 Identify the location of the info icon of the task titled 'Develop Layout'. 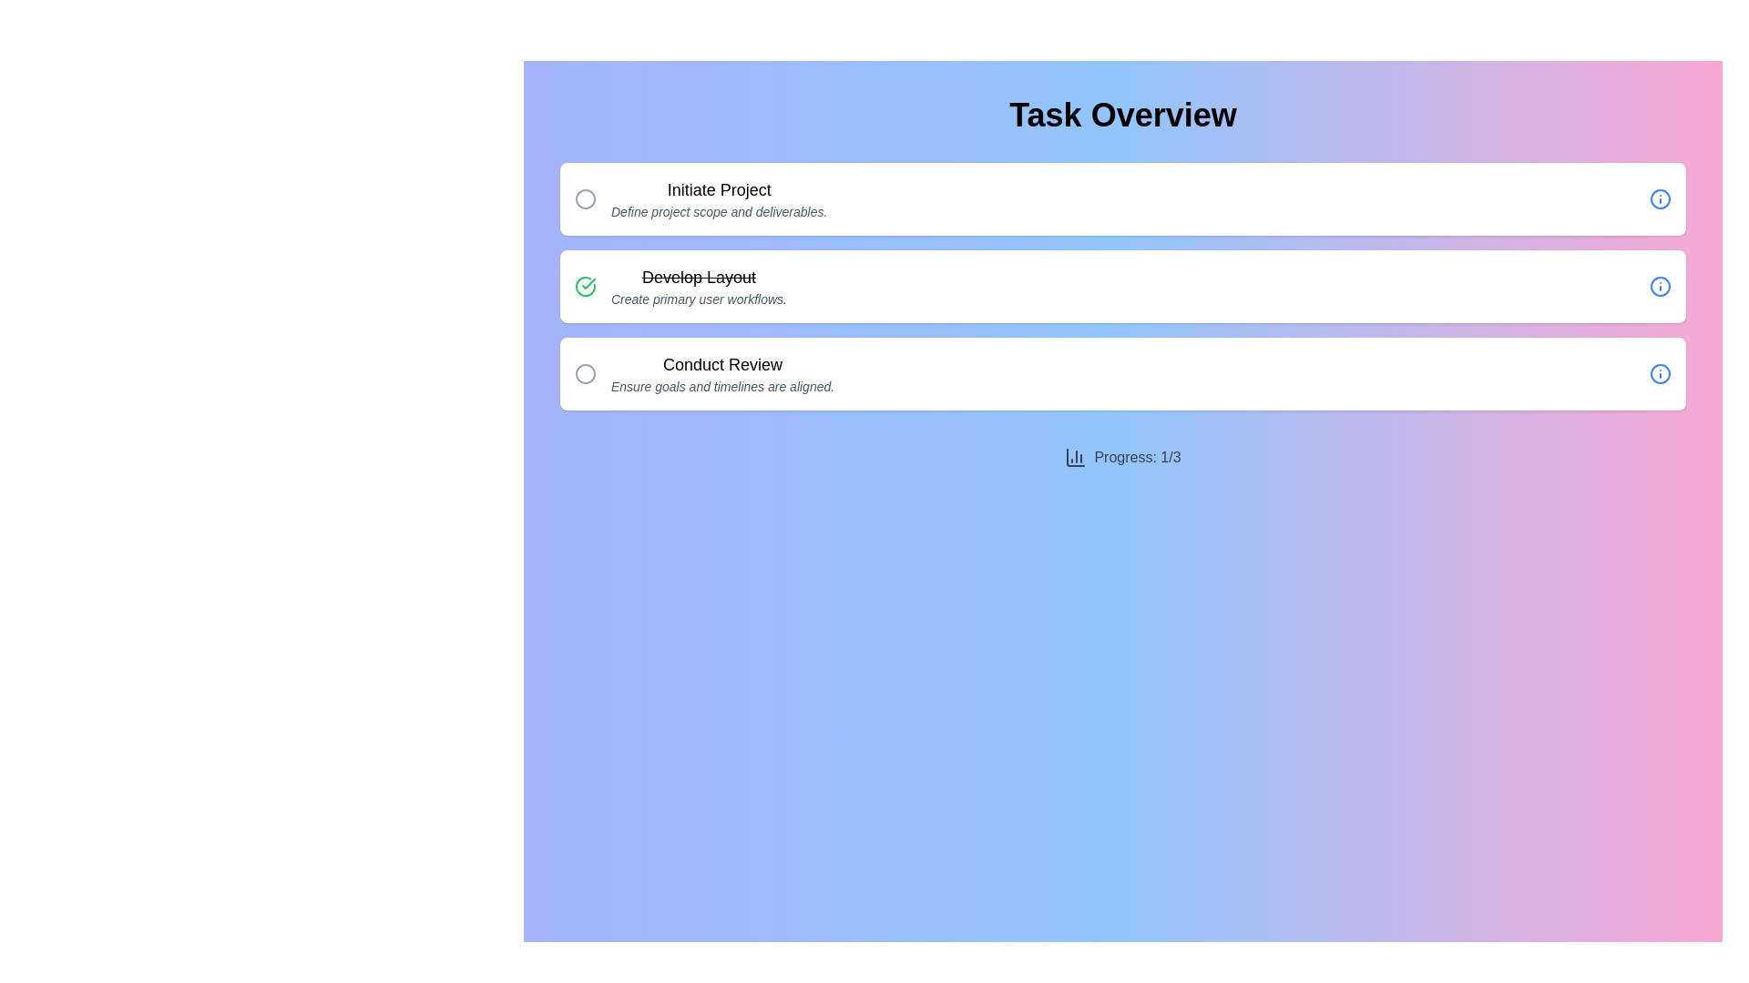
(1661, 287).